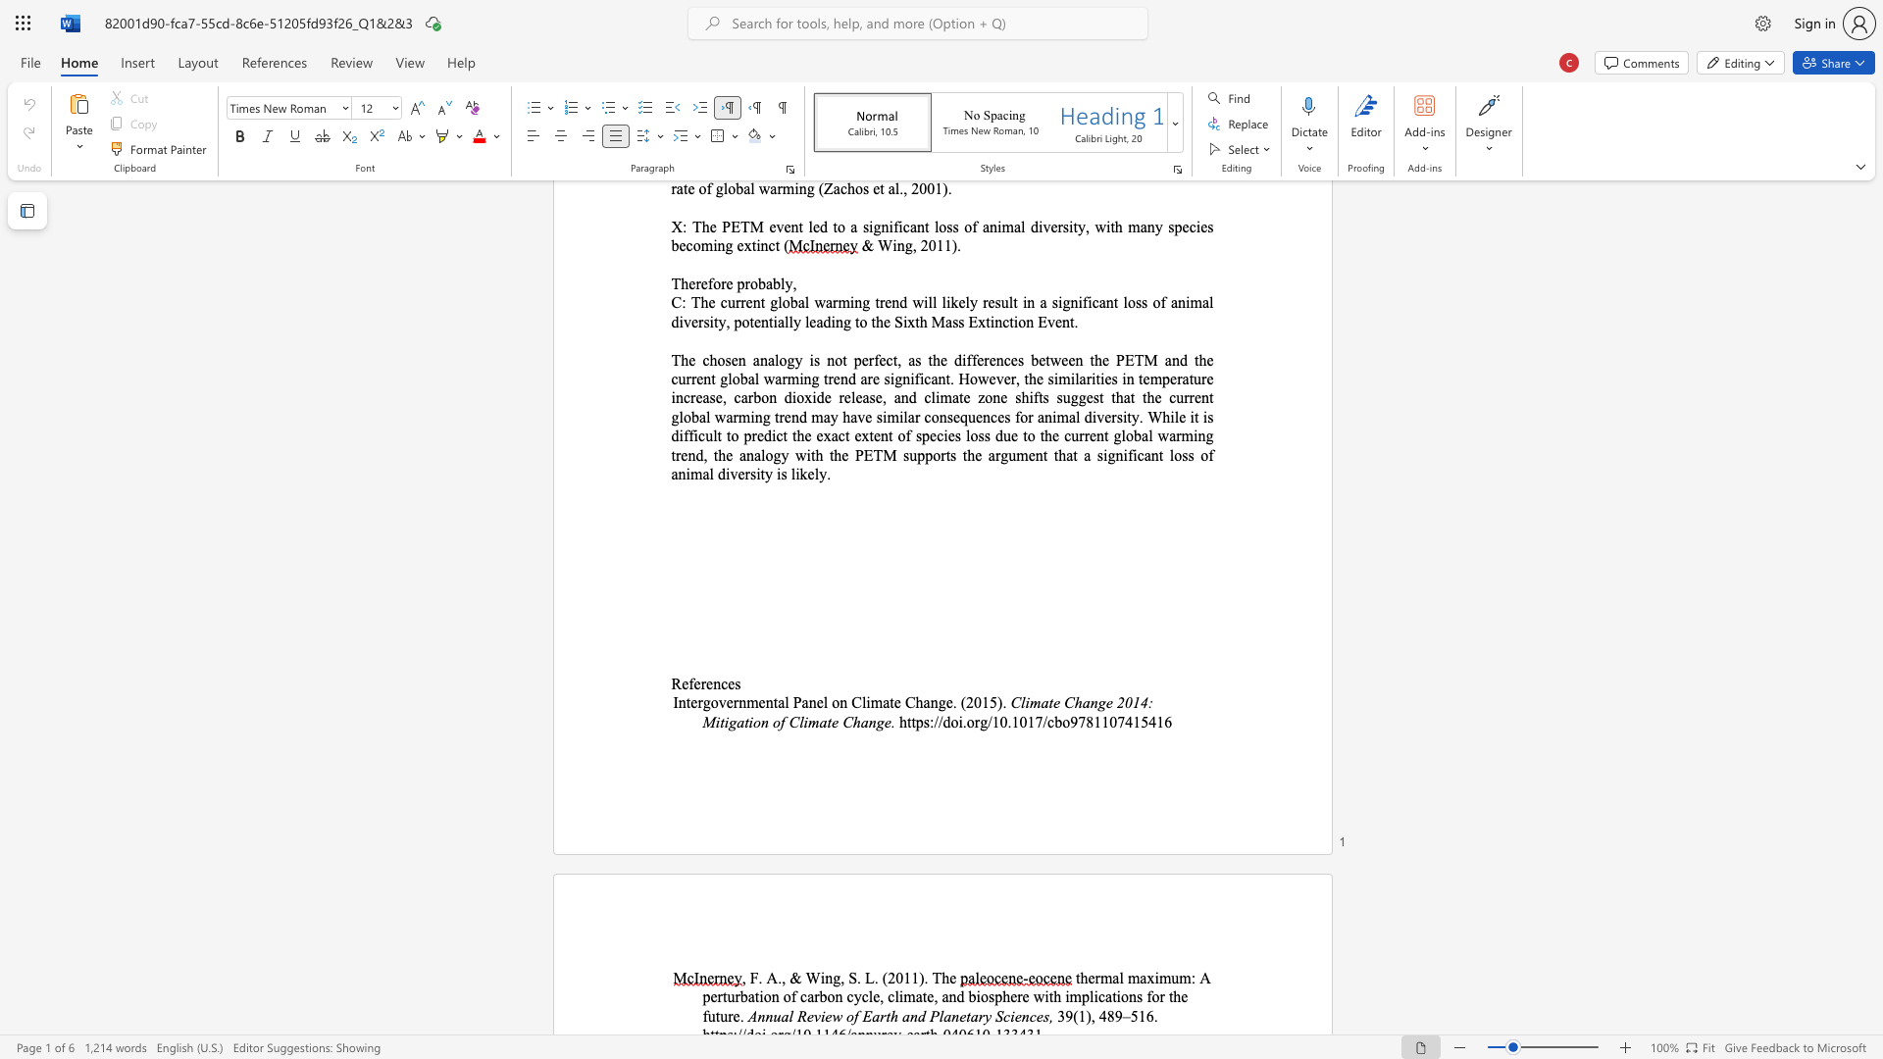 This screenshot has width=1883, height=1059. Describe the element at coordinates (1022, 722) in the screenshot. I see `the 2th character "0" in the text` at that location.